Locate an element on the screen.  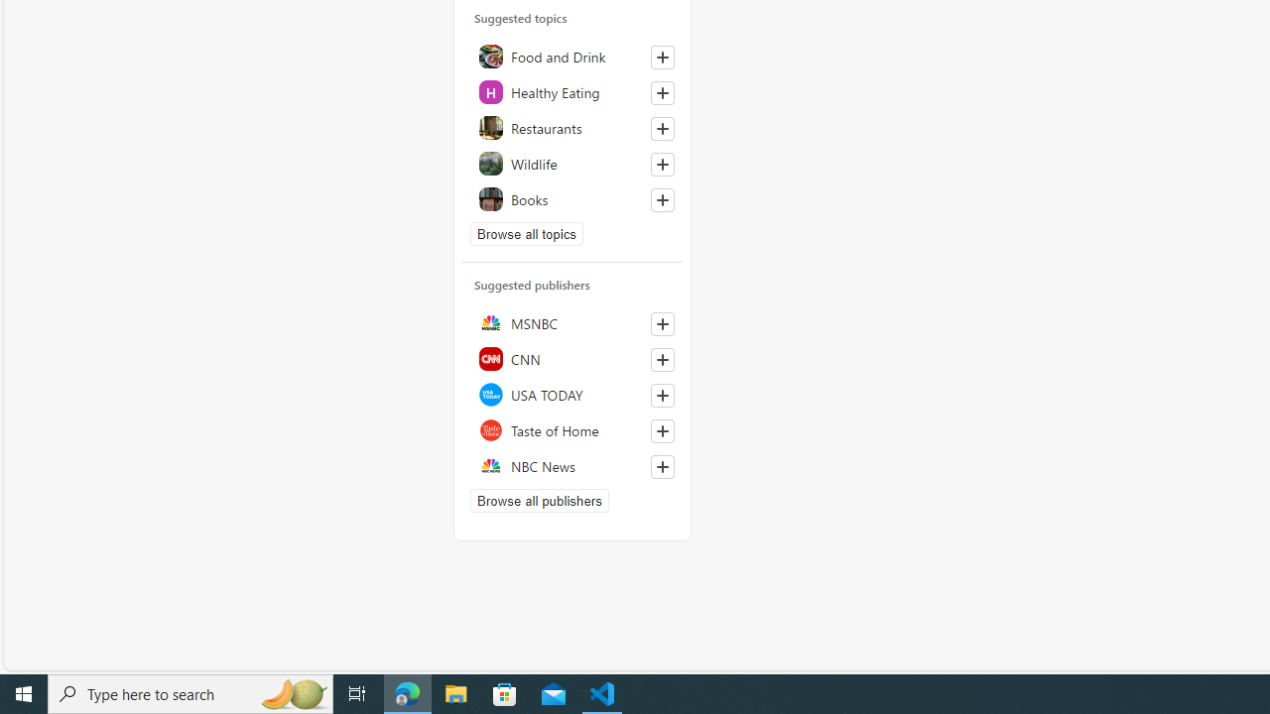
'Healthy Eating' is located at coordinates (571, 92).